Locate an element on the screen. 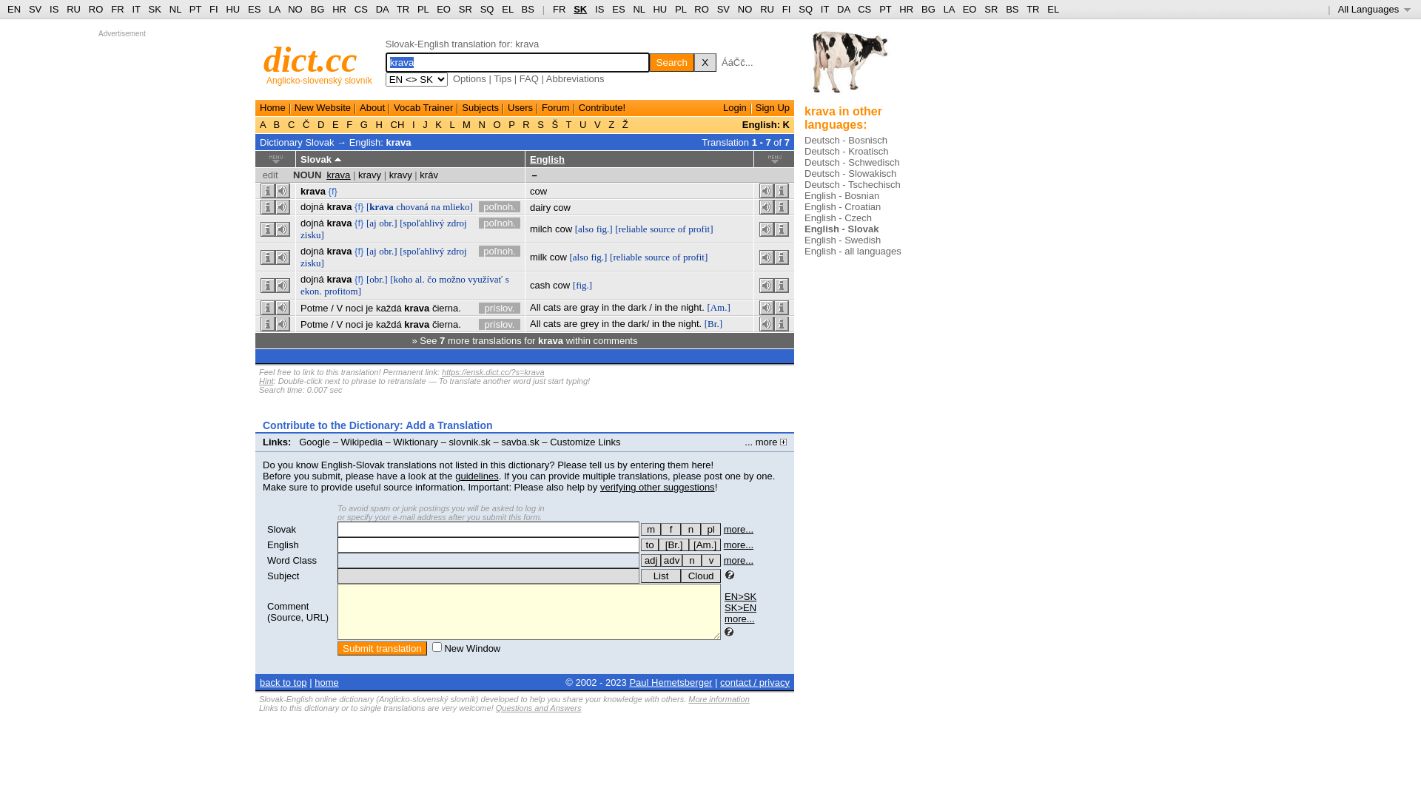 The image size is (1421, 799). 'cow' is located at coordinates (537, 189).